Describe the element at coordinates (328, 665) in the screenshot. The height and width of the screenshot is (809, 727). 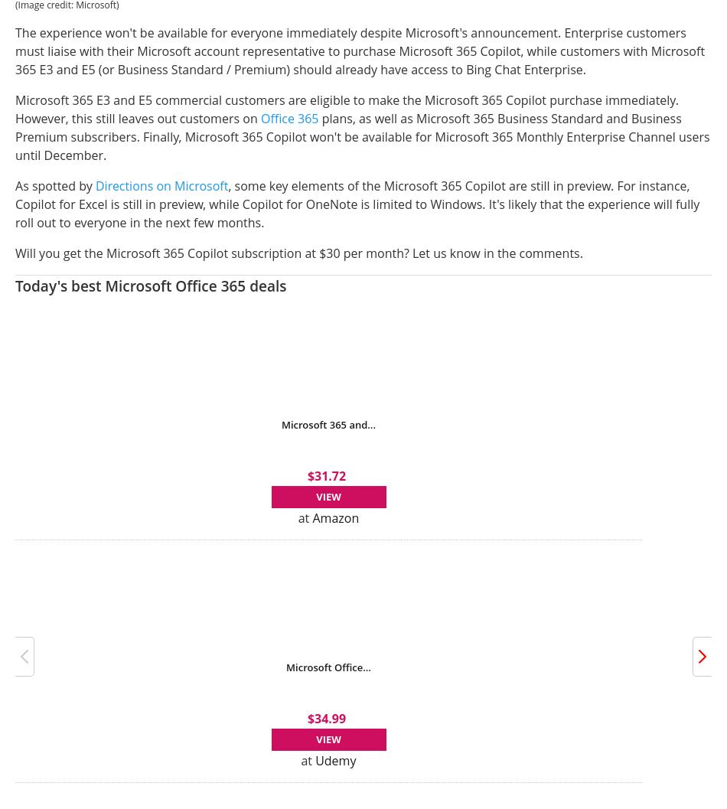
I see `'Microsoft Office...'` at that location.